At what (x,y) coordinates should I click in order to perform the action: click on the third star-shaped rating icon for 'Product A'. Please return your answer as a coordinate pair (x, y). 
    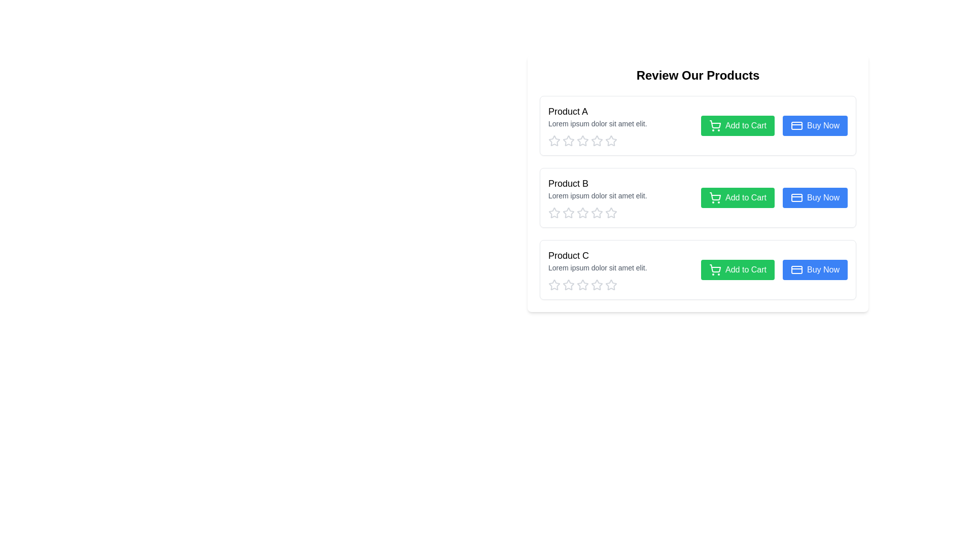
    Looking at the image, I should click on (597, 141).